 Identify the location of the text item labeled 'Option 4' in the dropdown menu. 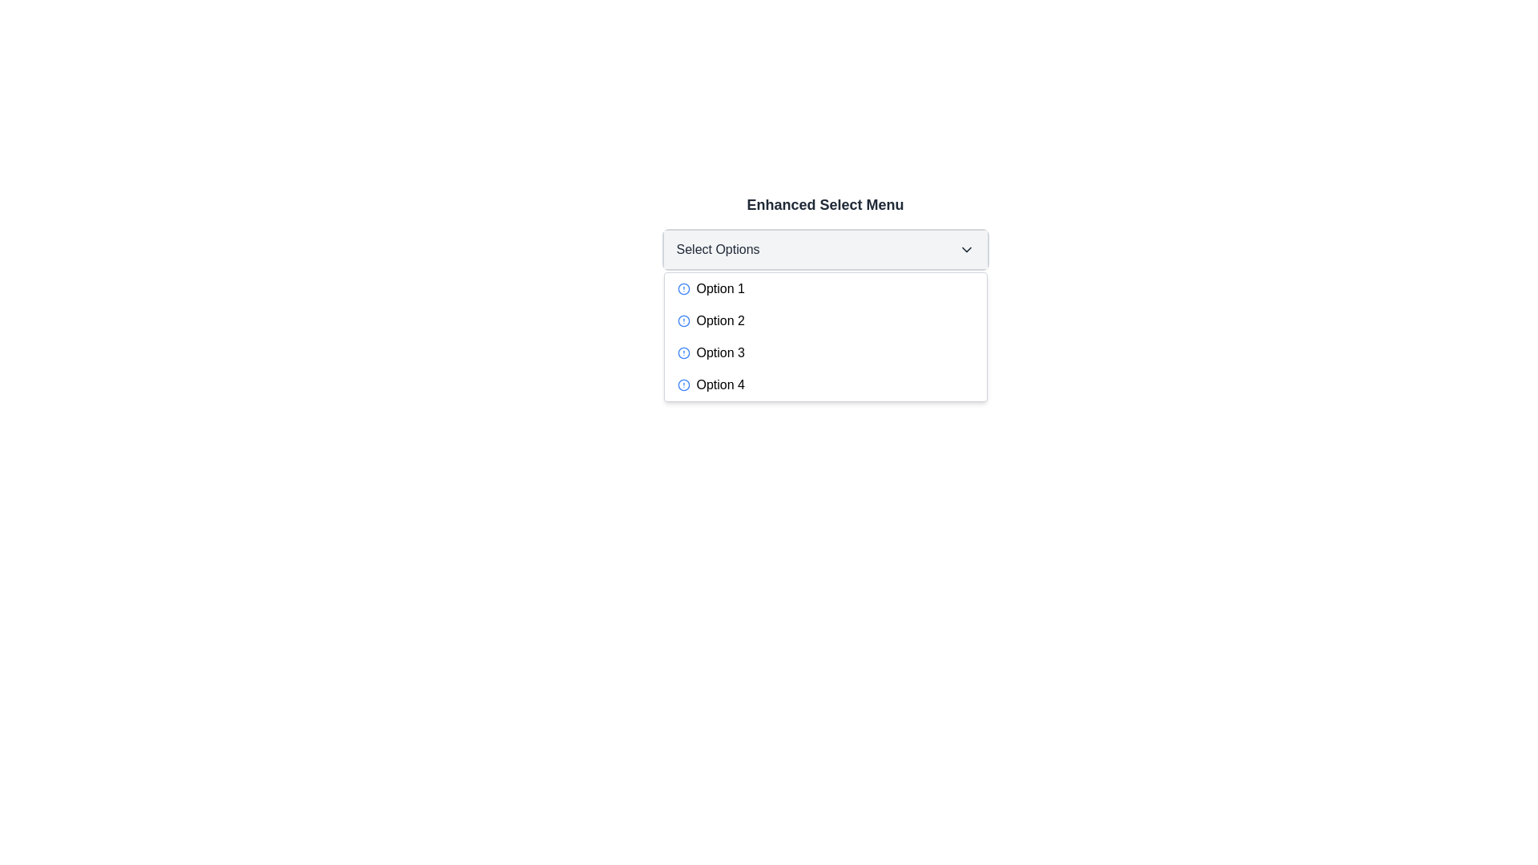
(719, 385).